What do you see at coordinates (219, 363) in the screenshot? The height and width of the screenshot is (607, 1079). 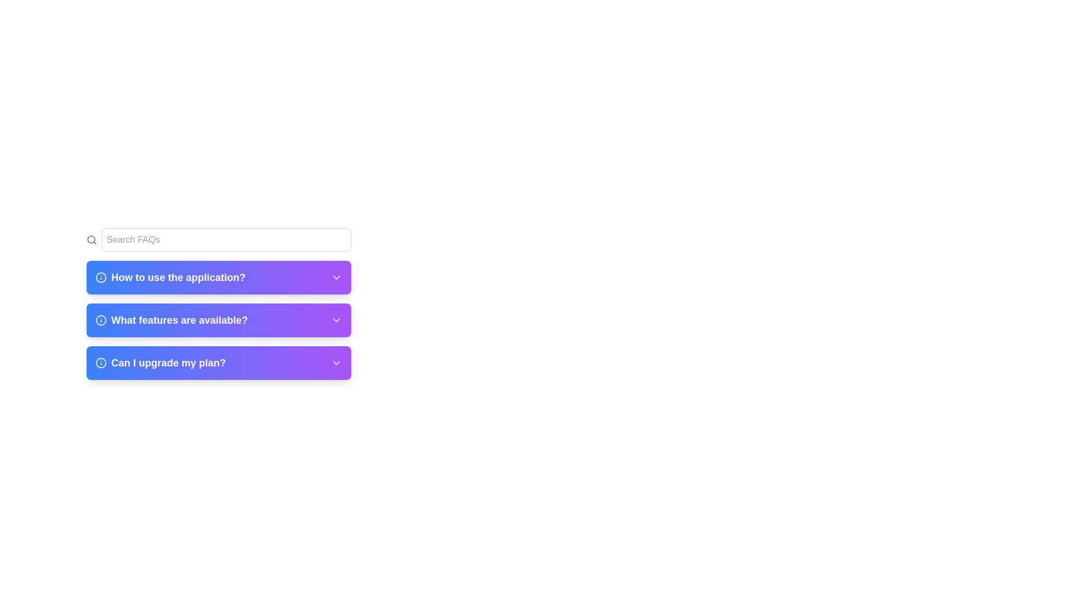 I see `the 'Can I upgrade my plan?' expandable list item with a gradient background` at bounding box center [219, 363].